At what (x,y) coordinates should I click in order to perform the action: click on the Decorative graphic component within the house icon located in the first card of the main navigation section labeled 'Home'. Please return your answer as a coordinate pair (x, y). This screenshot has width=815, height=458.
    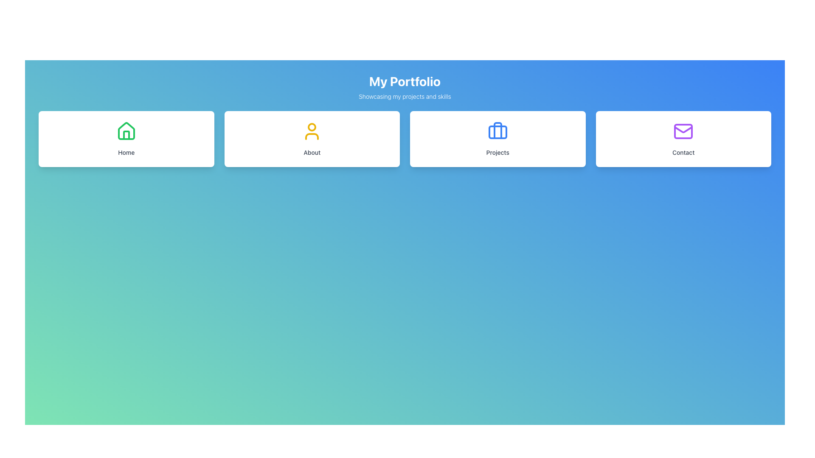
    Looking at the image, I should click on (126, 135).